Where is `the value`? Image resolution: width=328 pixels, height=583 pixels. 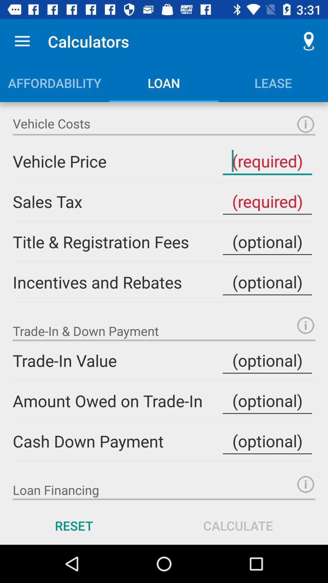 the value is located at coordinates (267, 401).